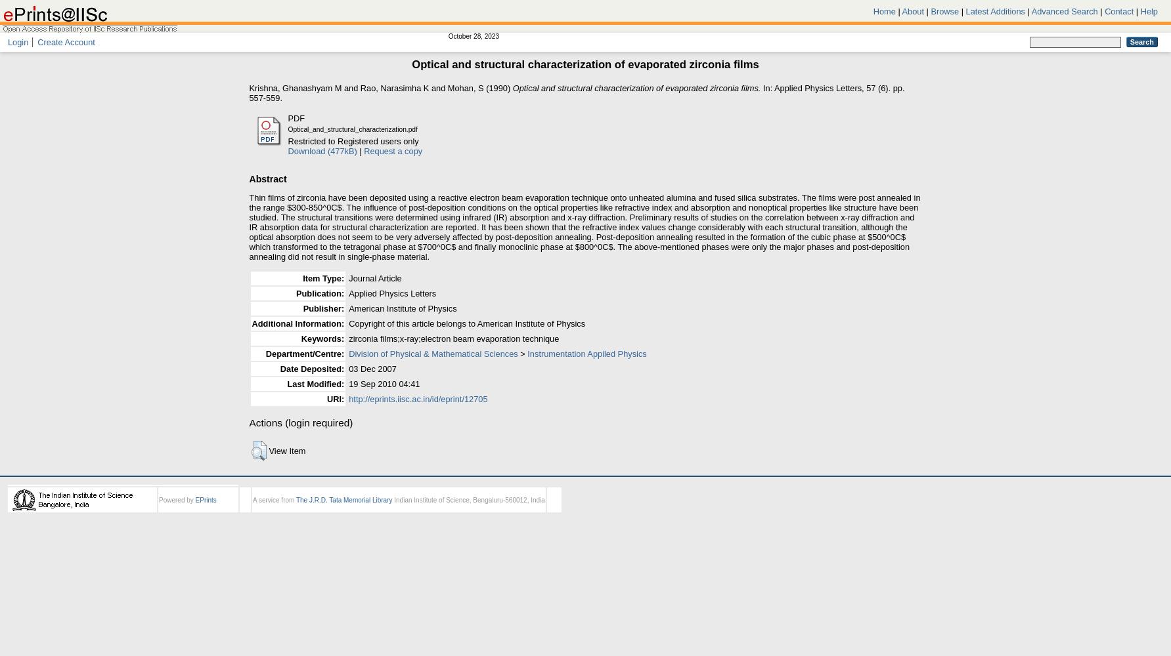 The image size is (1171, 656). I want to click on 'Request a copy', so click(363, 150).